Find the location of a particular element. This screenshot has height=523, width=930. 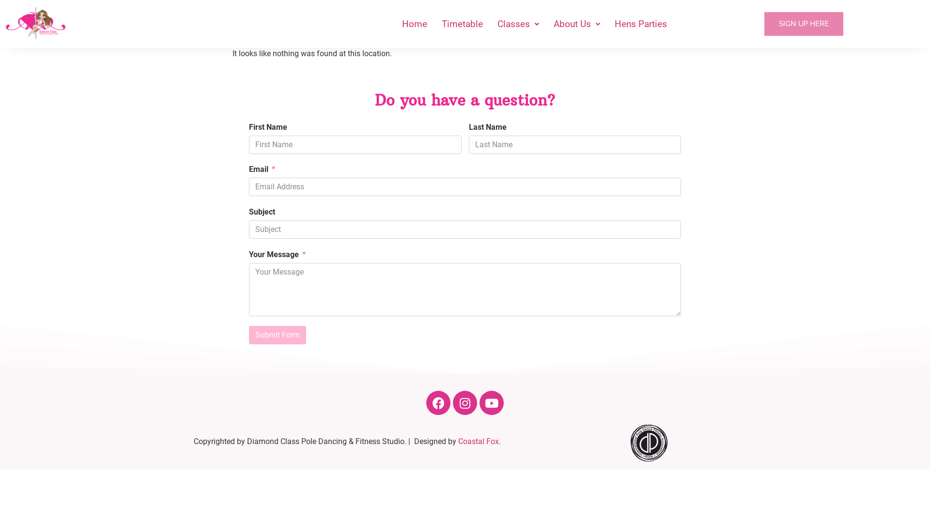

'Submit Form' is located at coordinates (277, 334).